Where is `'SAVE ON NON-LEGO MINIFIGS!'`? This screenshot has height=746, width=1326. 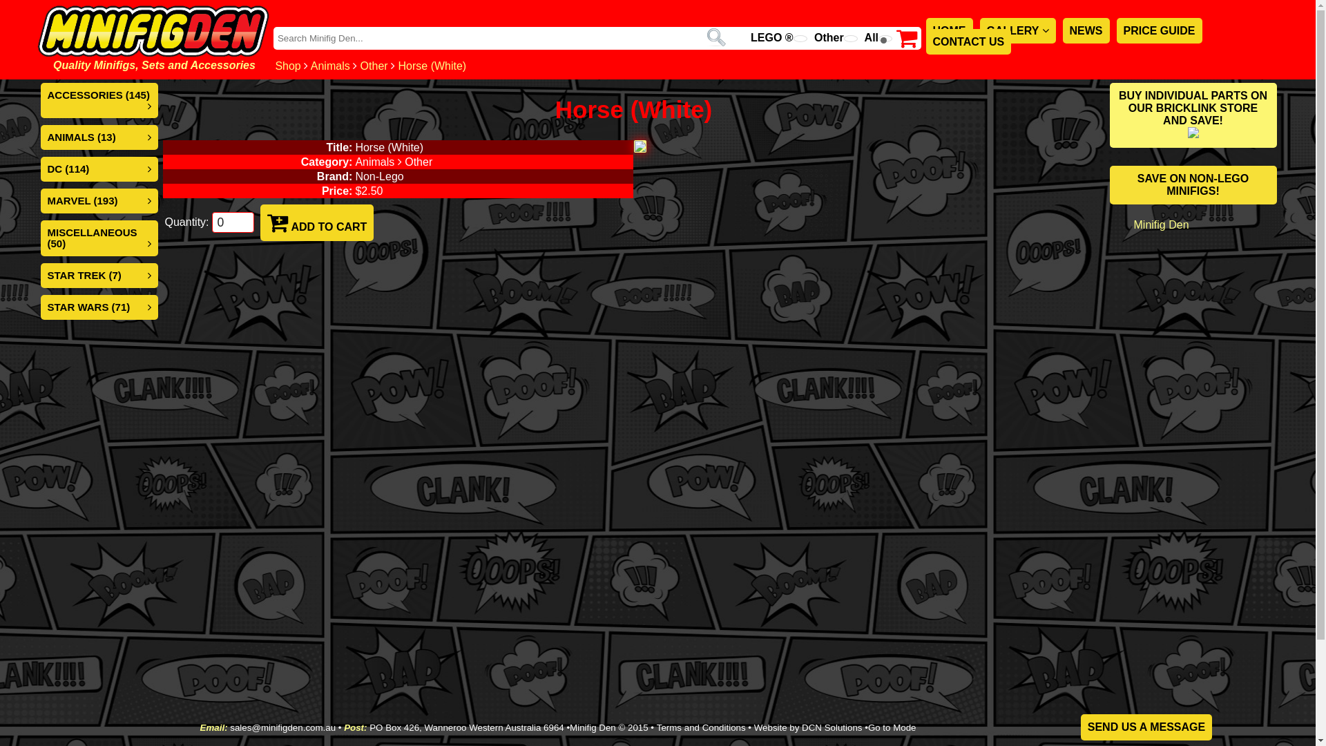 'SAVE ON NON-LEGO MINIFIGS!' is located at coordinates (1109, 184).